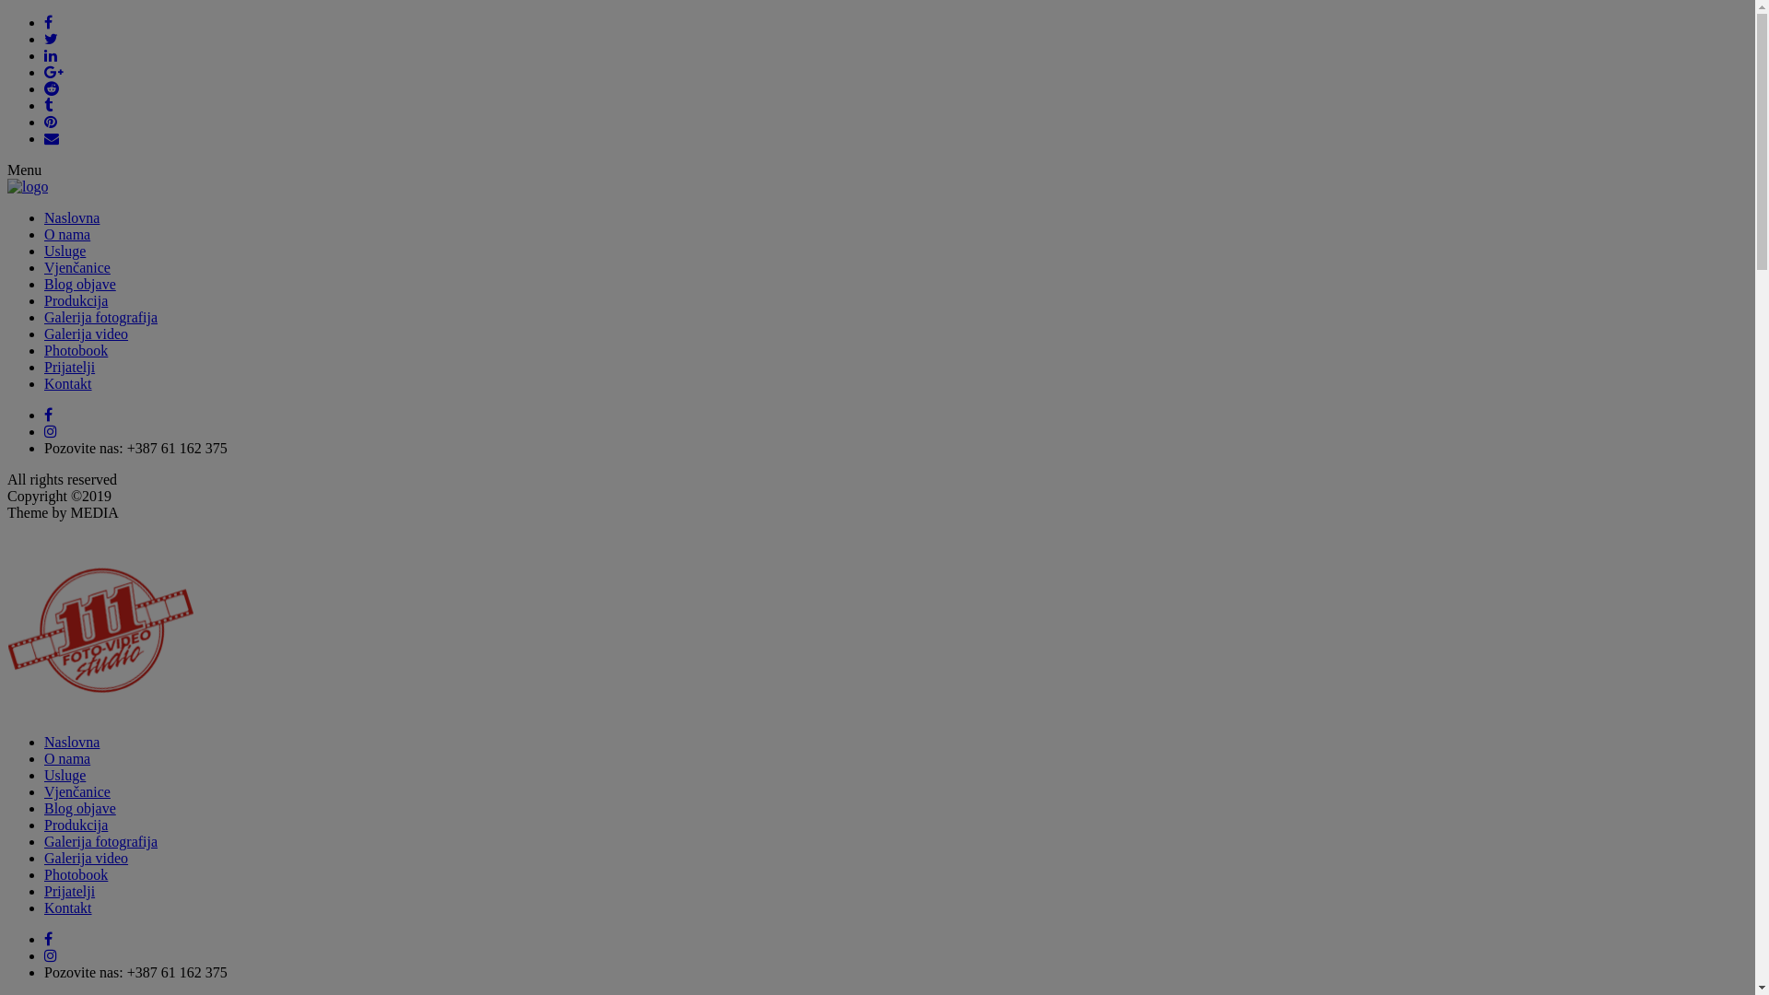  Describe the element at coordinates (69, 367) in the screenshot. I see `'Prijatelji'` at that location.